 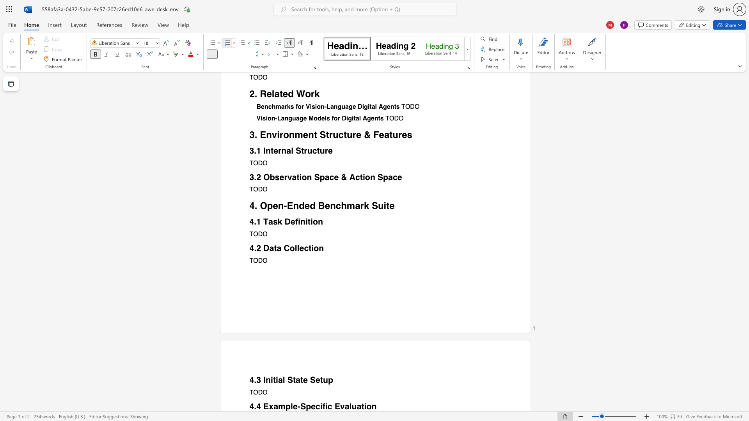 What do you see at coordinates (273, 406) in the screenshot?
I see `the space between the continuous character "x" and "a" in the text` at bounding box center [273, 406].